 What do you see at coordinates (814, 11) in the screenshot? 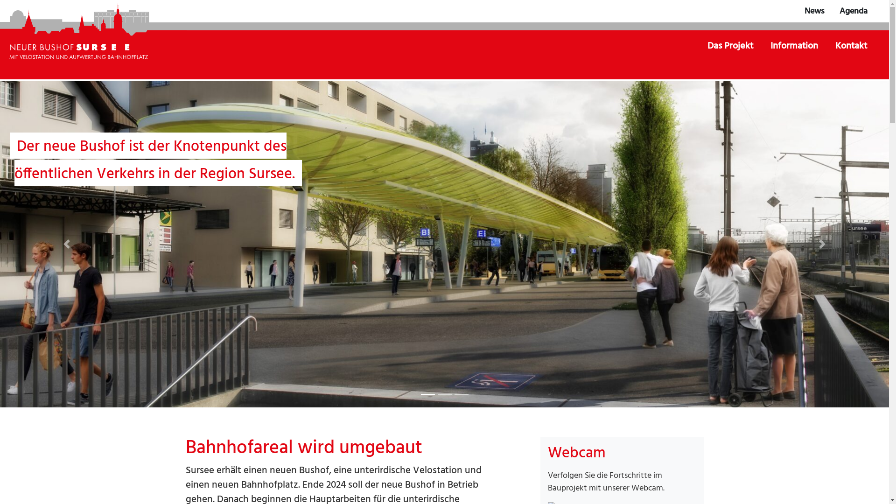
I see `'News'` at bounding box center [814, 11].